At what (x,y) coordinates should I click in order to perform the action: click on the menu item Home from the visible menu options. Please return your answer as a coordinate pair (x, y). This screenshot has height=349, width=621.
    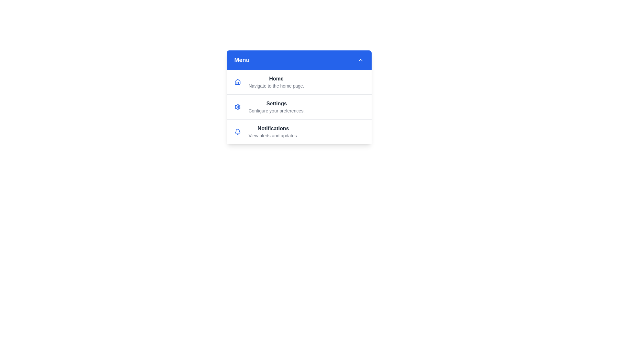
    Looking at the image, I should click on (299, 82).